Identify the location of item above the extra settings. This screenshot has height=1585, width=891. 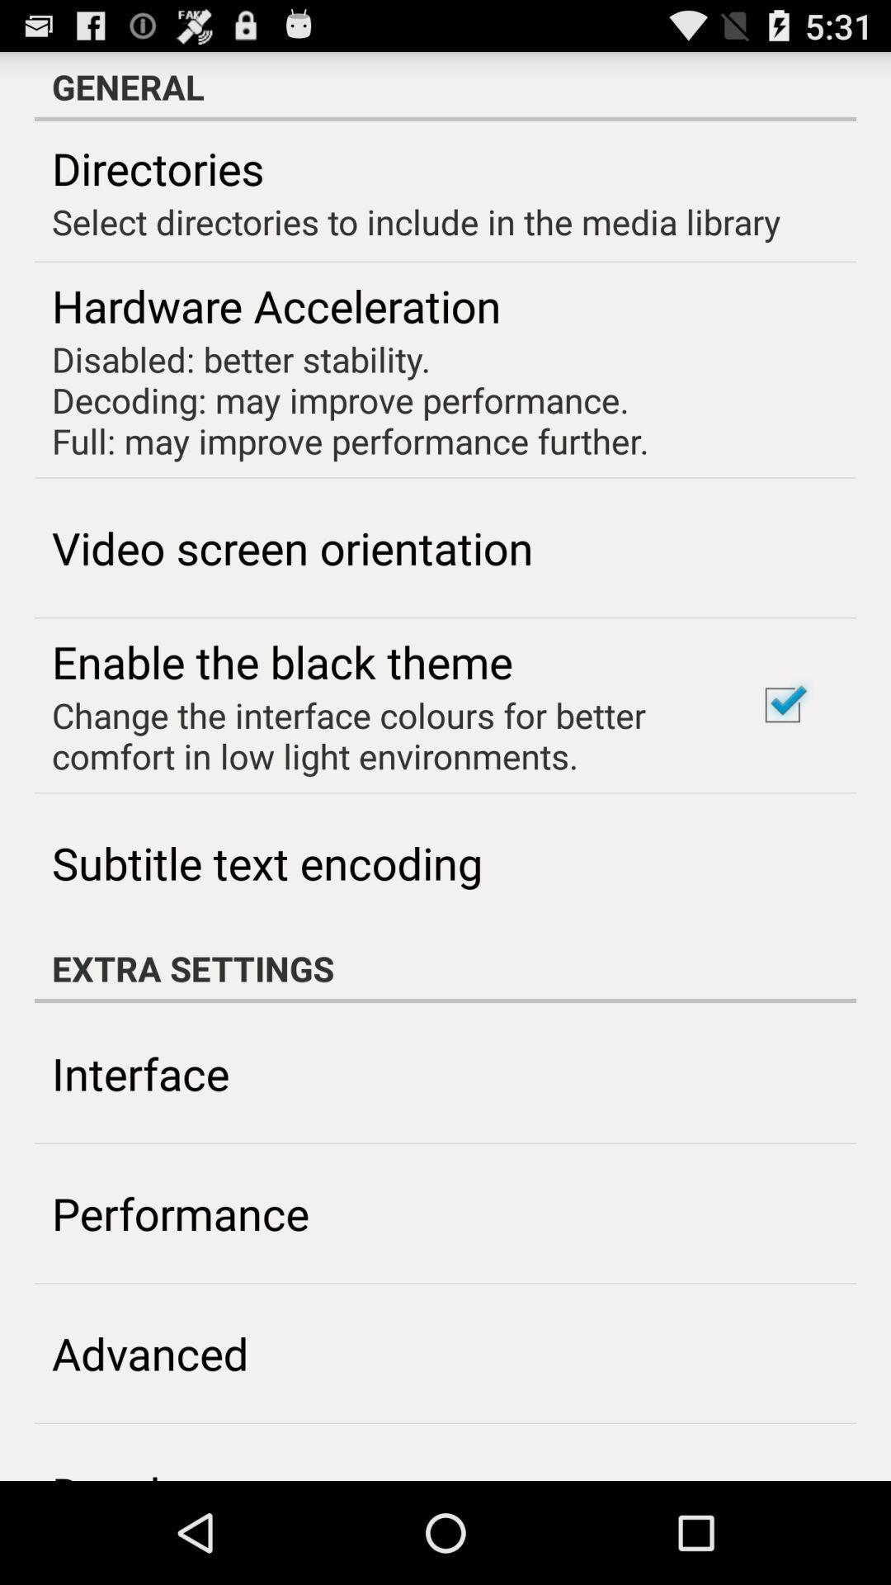
(266, 862).